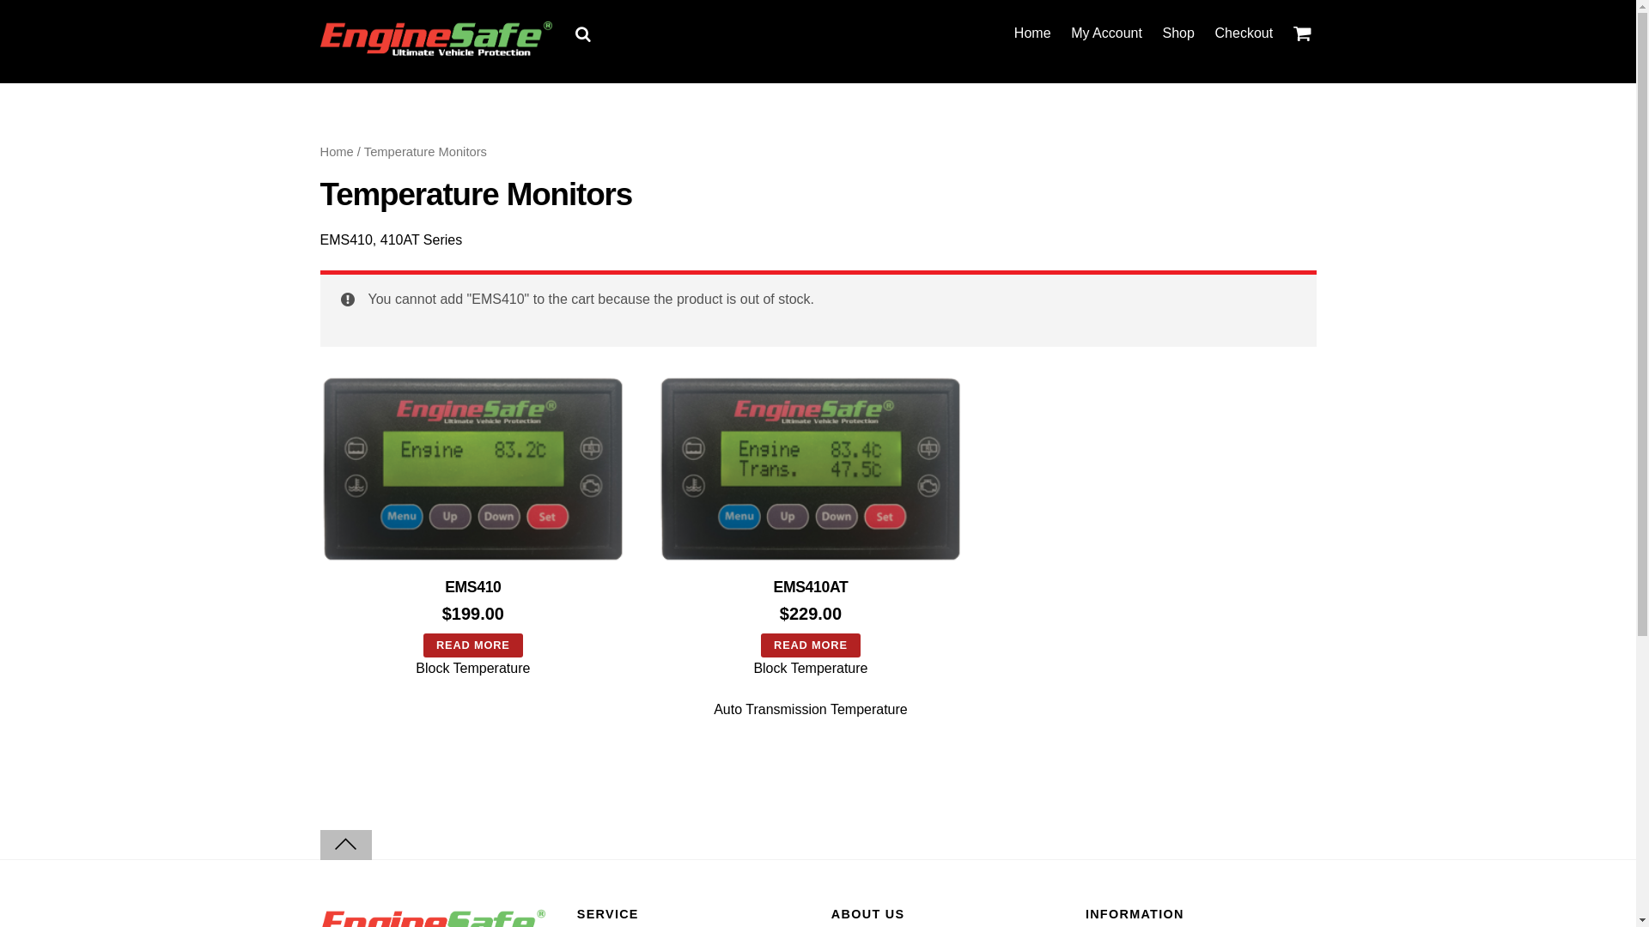 This screenshot has height=927, width=1649. Describe the element at coordinates (1107, 33) in the screenshot. I see `'My Account'` at that location.